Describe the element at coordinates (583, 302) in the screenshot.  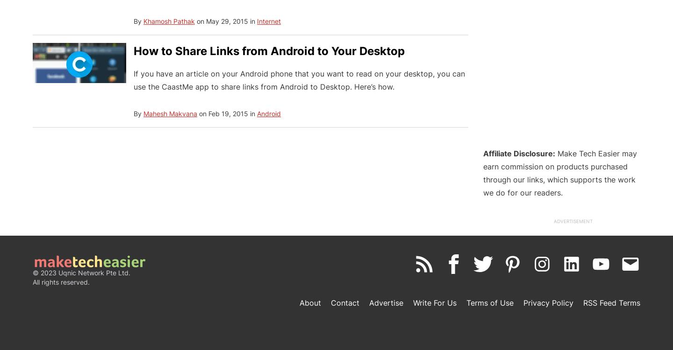
I see `'RSS Feed Terms'` at that location.